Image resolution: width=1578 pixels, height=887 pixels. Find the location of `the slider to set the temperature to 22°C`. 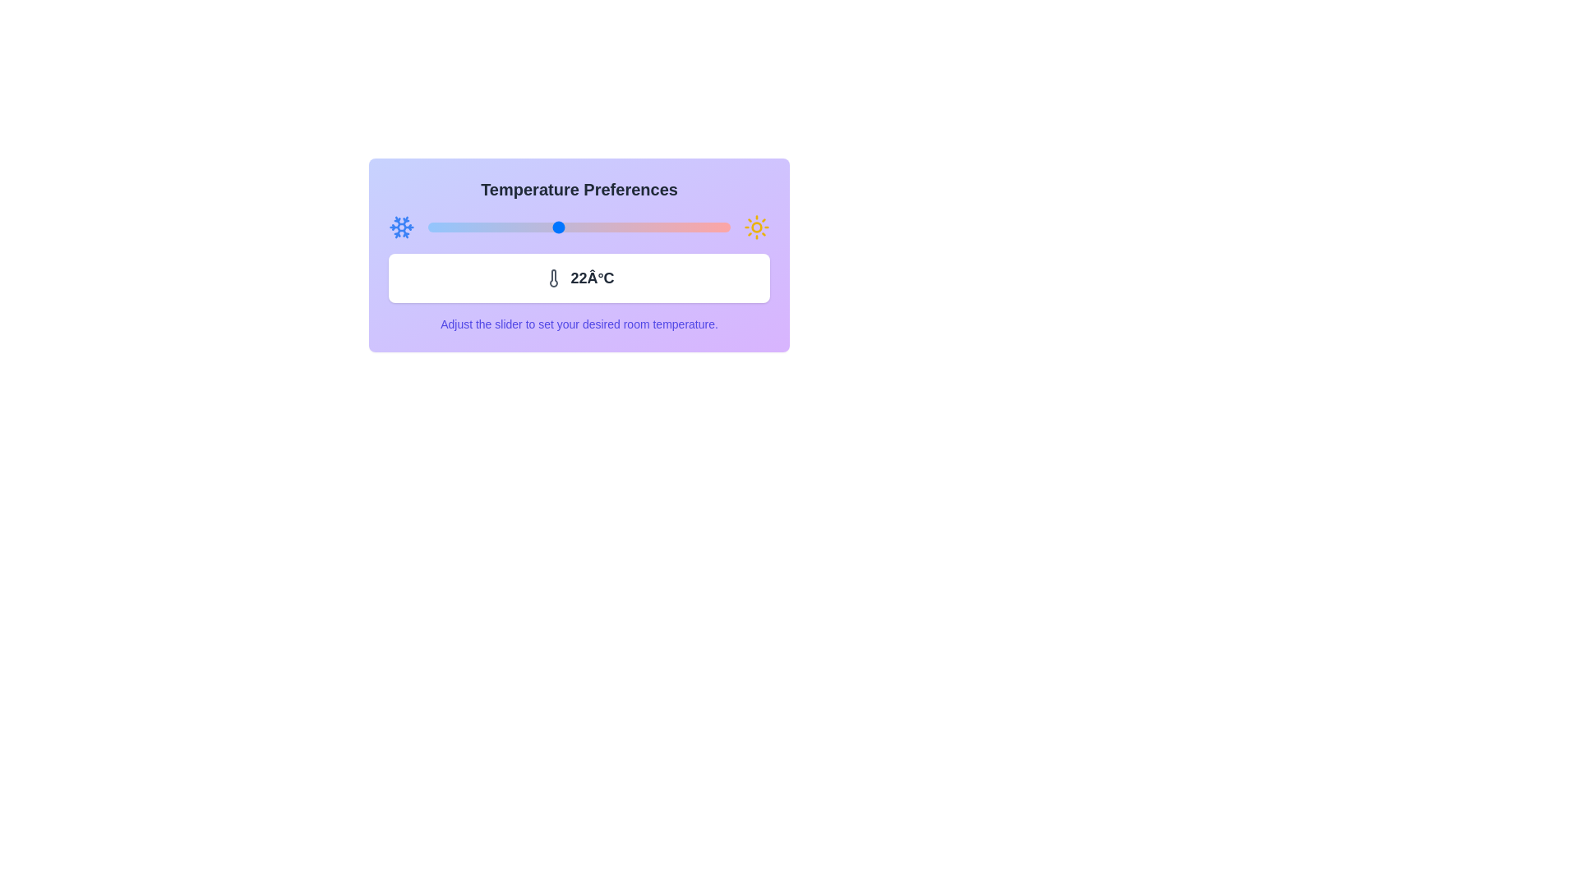

the slider to set the temperature to 22°C is located at coordinates (557, 227).